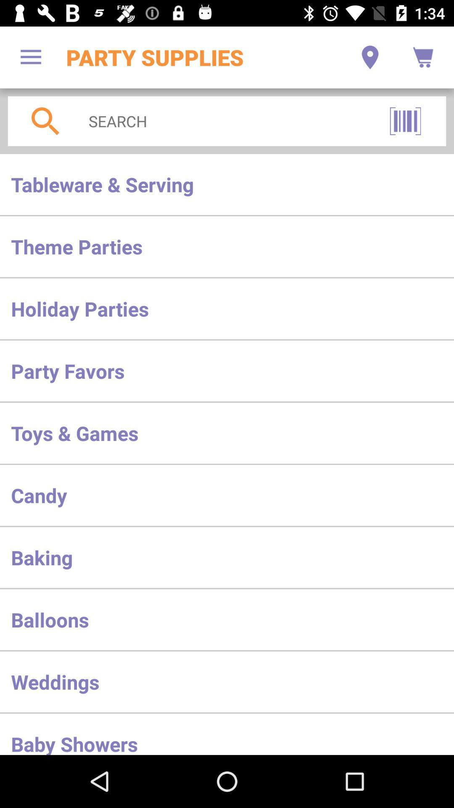 This screenshot has width=454, height=808. I want to click on search below party supplies, so click(223, 121).